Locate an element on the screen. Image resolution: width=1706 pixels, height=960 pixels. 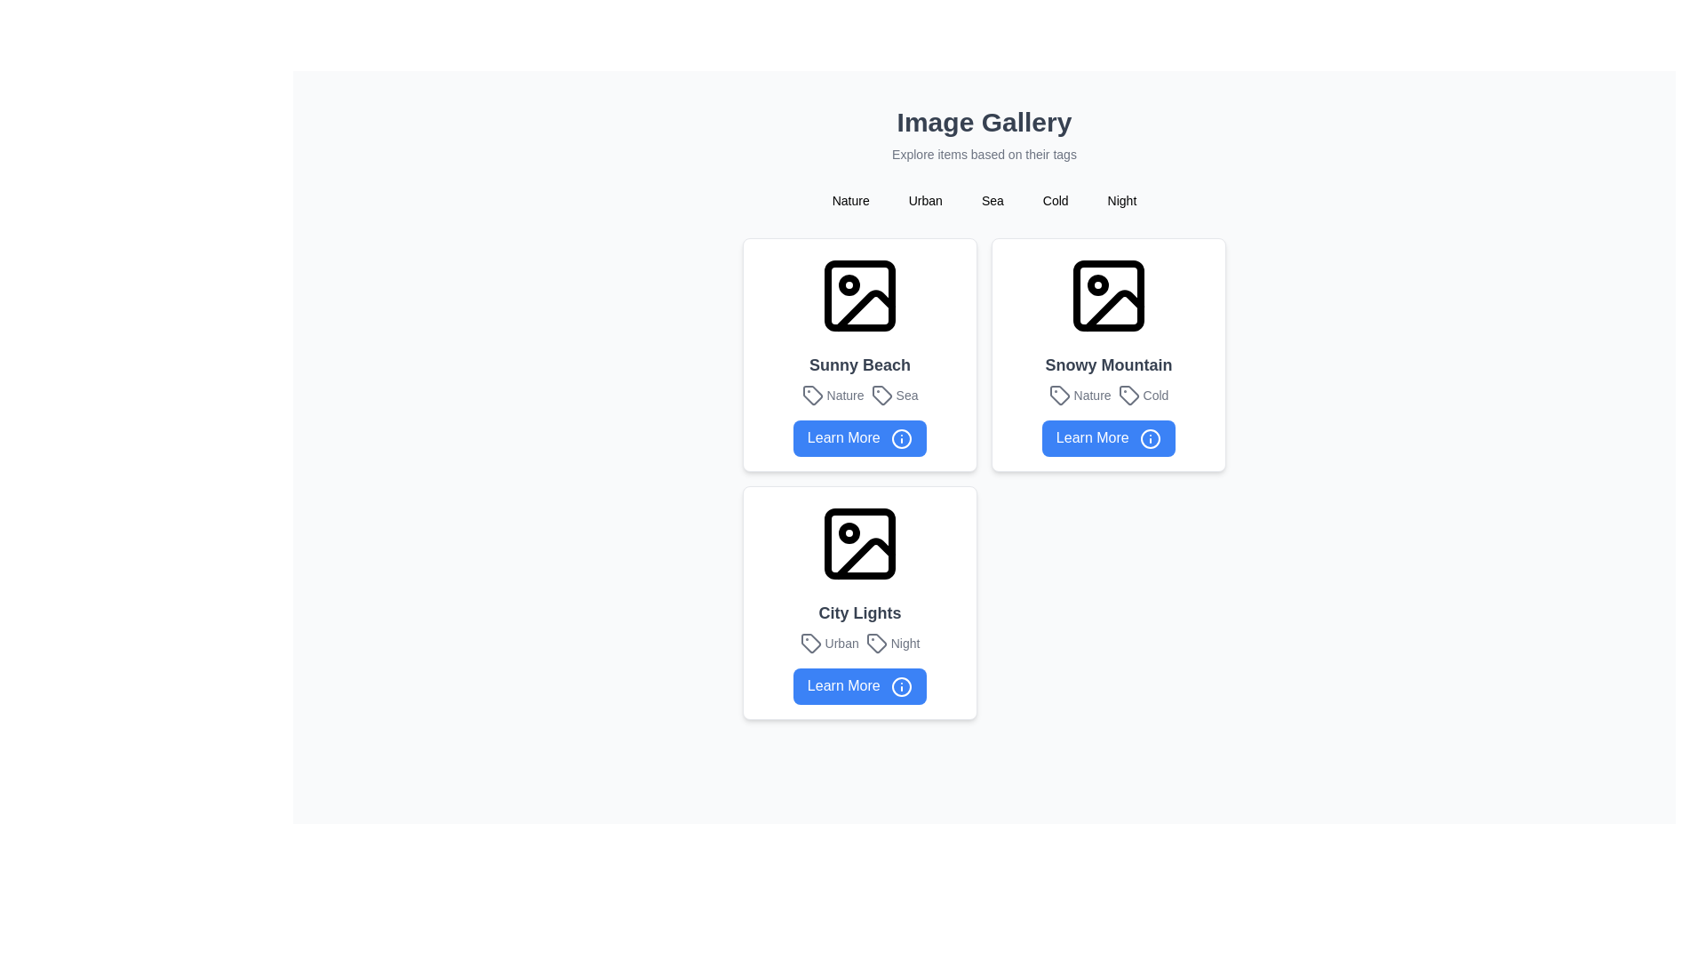
the pictorial icon of a landscape with a circle representing the sun or moon, located at the top-center of the 'Snowy Mountain' card is located at coordinates (1108, 294).